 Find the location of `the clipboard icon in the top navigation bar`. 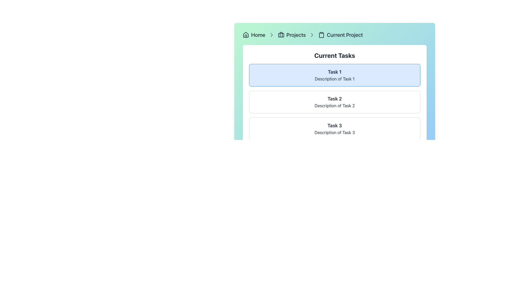

the clipboard icon in the top navigation bar is located at coordinates (321, 35).